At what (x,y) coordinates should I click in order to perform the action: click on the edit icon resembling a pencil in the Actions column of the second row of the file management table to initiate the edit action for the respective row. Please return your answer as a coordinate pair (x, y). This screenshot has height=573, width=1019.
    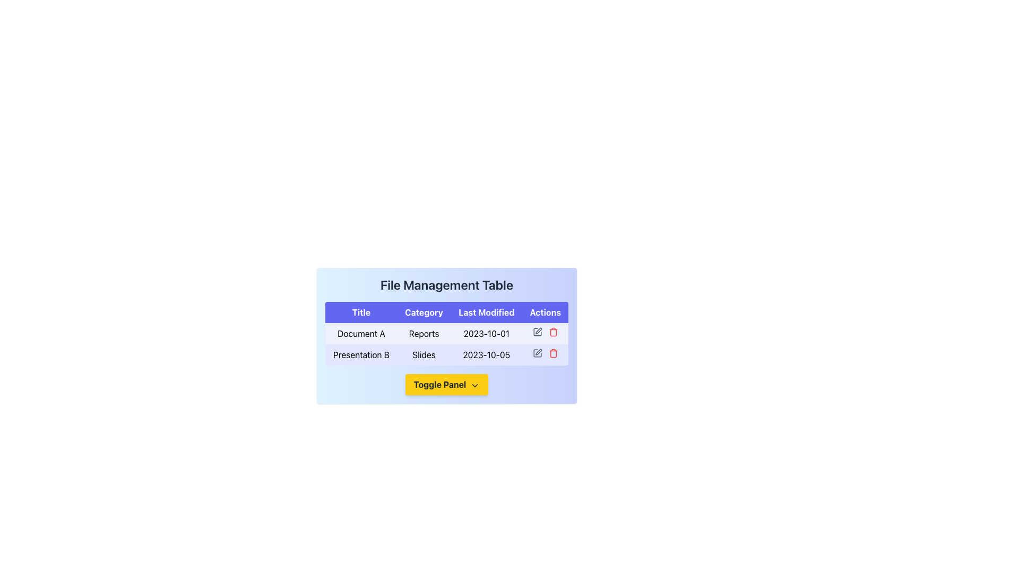
    Looking at the image, I should click on (538, 330).